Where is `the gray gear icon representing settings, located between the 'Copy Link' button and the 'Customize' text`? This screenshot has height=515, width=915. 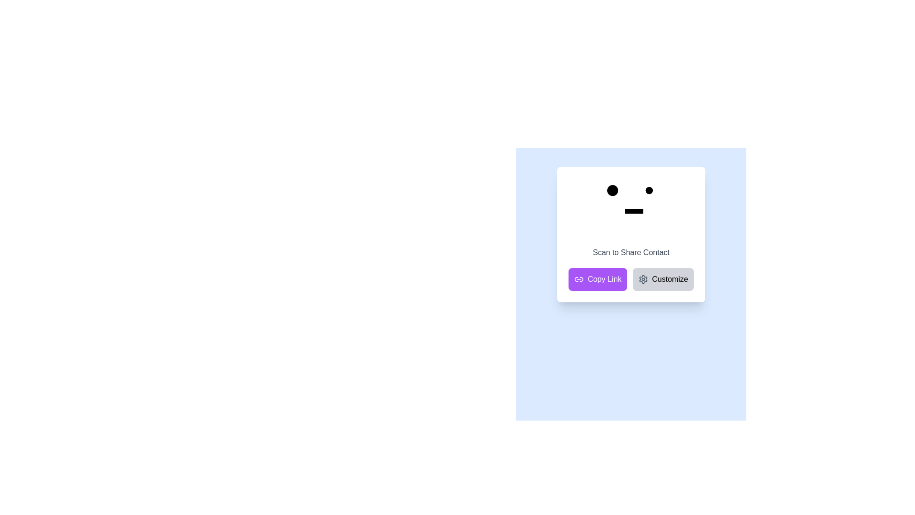 the gray gear icon representing settings, located between the 'Copy Link' button and the 'Customize' text is located at coordinates (643, 279).